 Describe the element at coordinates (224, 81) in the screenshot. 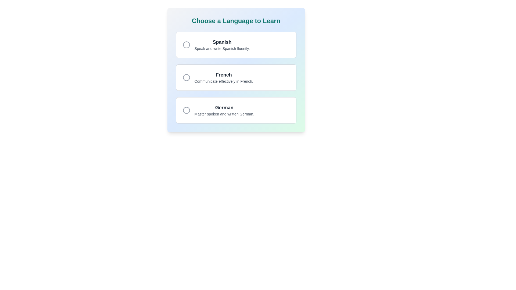

I see `information displayed in the text element showing the phrase 'Communicate effectively in French.' which is styled with a small font size and gray color, located below the bold title 'French' within a selectable card` at that location.